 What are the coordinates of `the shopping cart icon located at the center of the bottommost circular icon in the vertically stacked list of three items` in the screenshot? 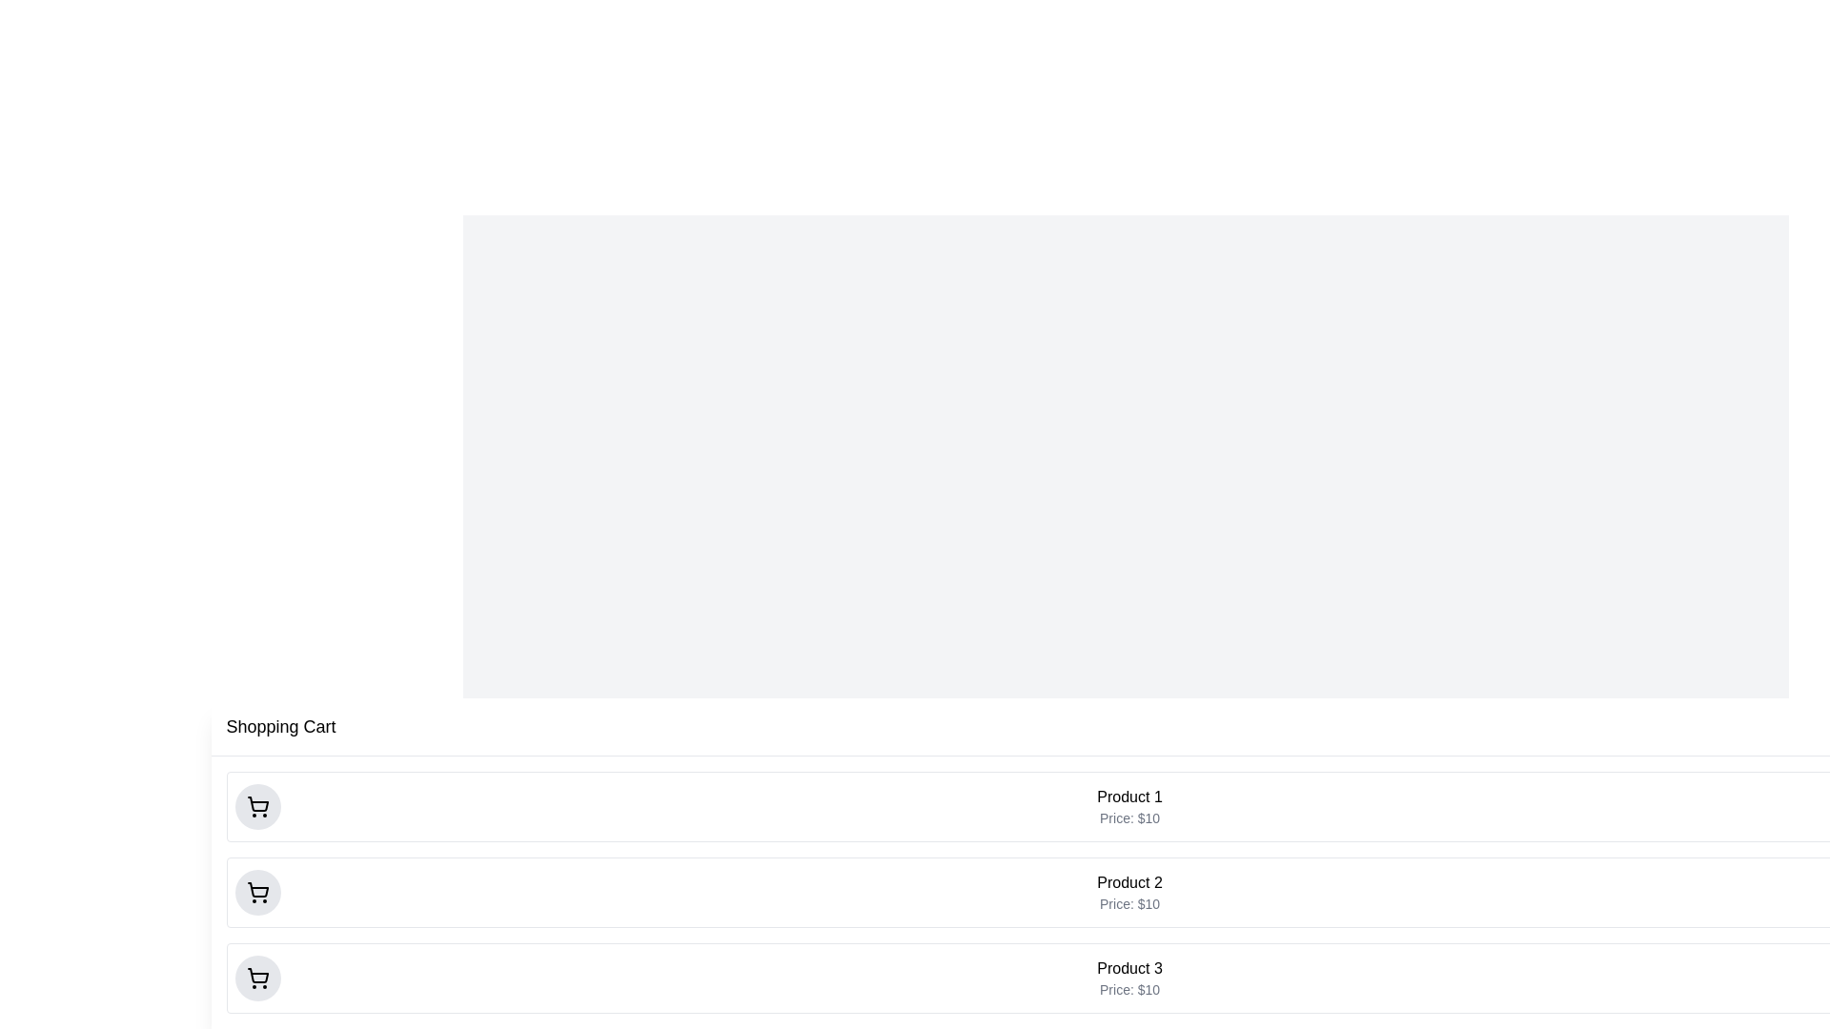 It's located at (256, 978).